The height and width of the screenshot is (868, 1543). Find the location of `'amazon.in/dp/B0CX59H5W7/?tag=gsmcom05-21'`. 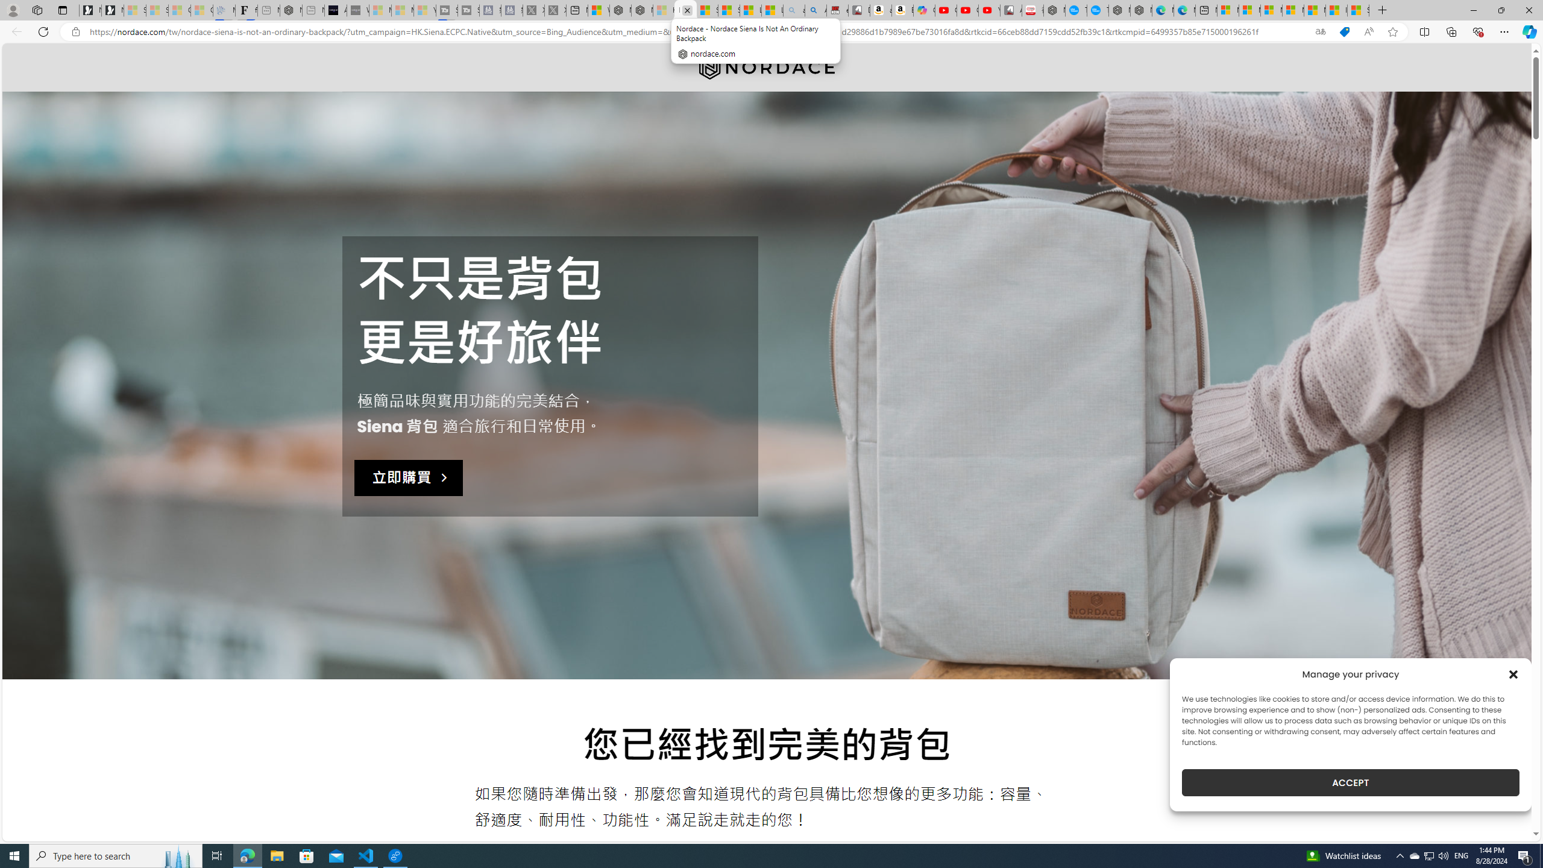

'amazon.in/dp/B0CX59H5W7/?tag=gsmcom05-21' is located at coordinates (880, 10).